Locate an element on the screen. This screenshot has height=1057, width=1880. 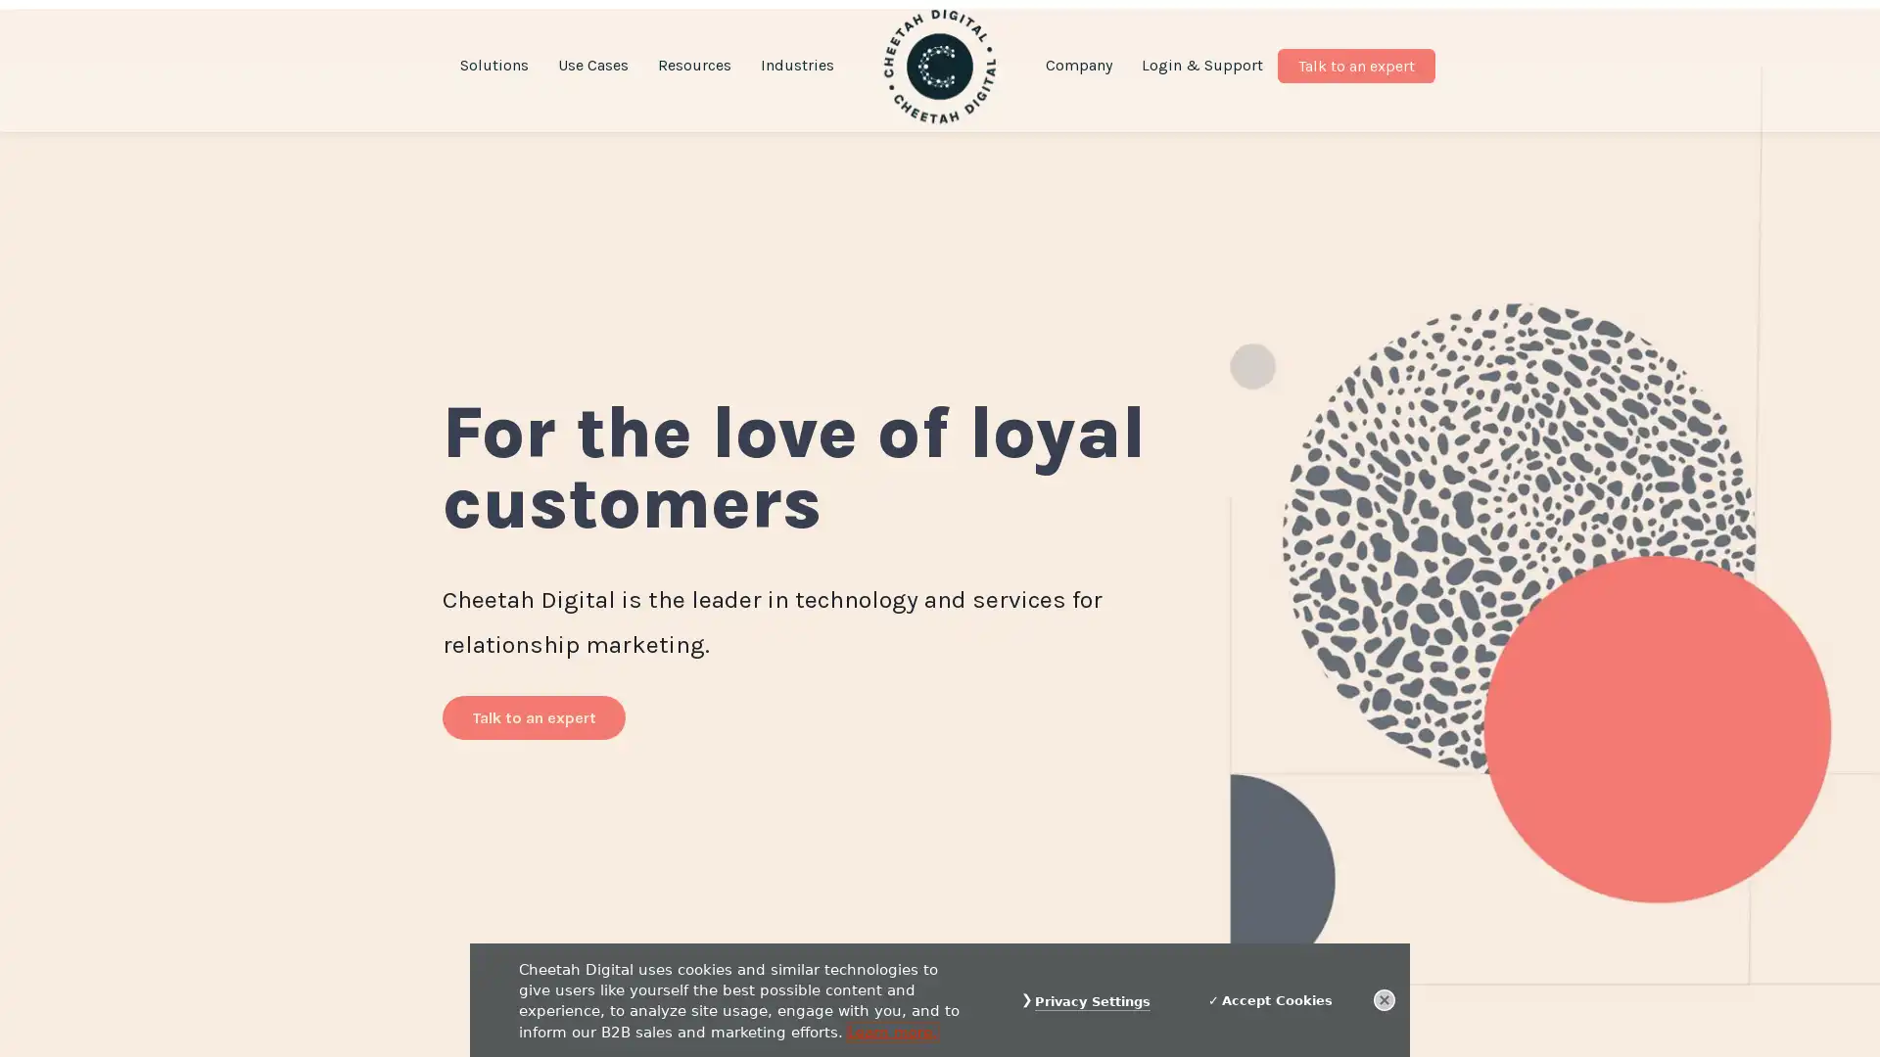
Close is located at coordinates (1384, 999).